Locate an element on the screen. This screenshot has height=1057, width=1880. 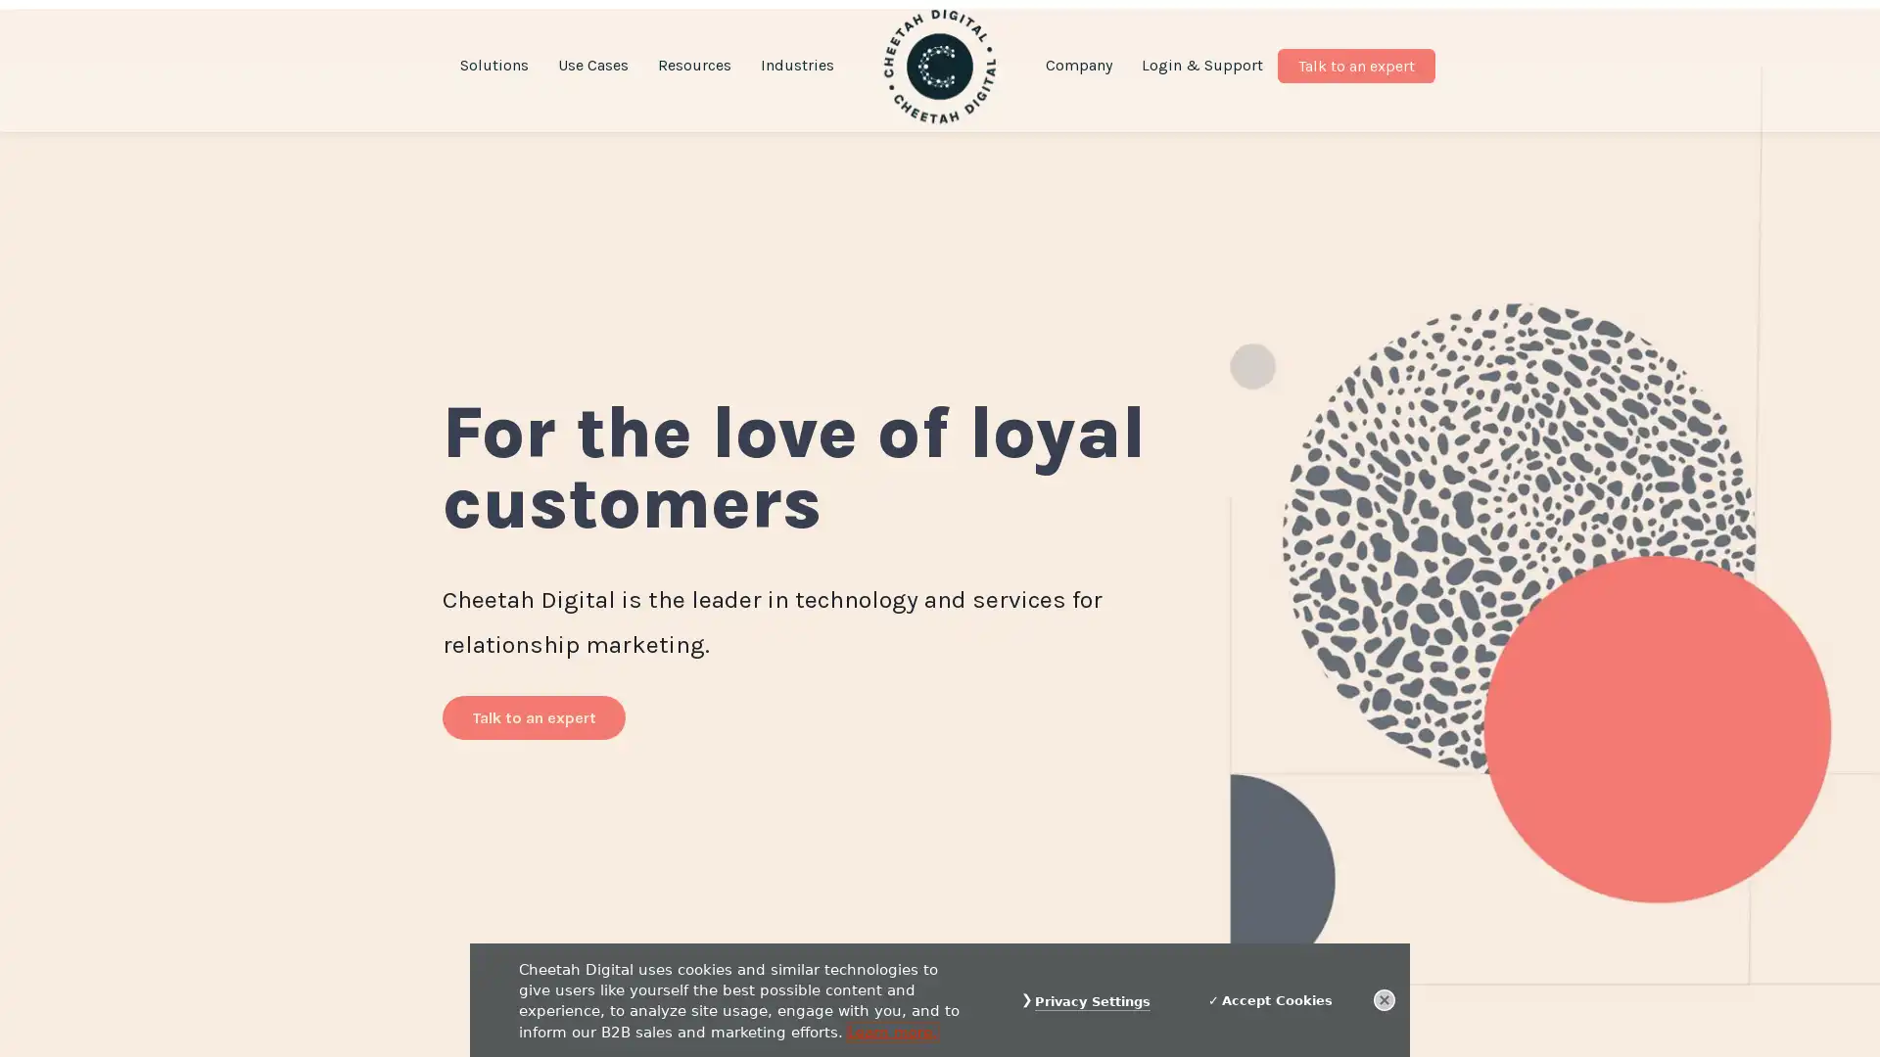
Close is located at coordinates (1384, 999).